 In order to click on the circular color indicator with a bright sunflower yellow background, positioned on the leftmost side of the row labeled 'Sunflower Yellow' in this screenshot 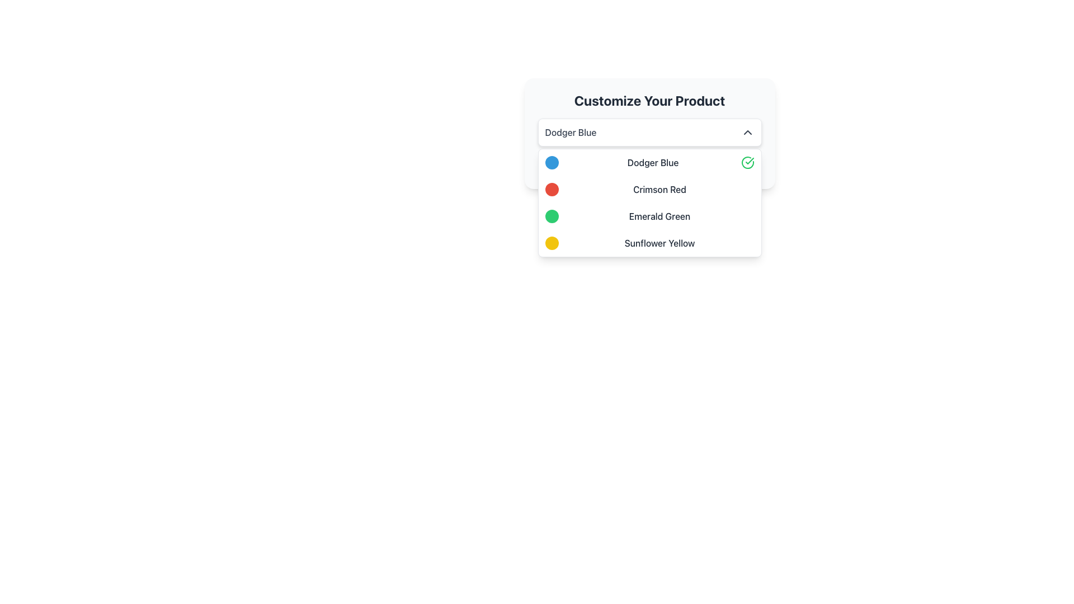, I will do `click(552, 243)`.